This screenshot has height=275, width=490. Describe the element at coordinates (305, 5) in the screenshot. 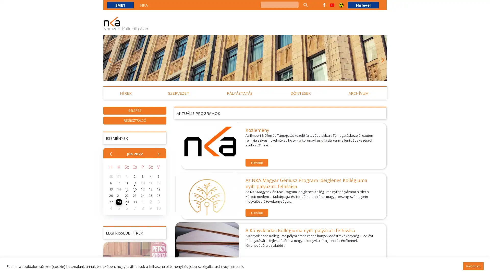

I see `kereses` at that location.